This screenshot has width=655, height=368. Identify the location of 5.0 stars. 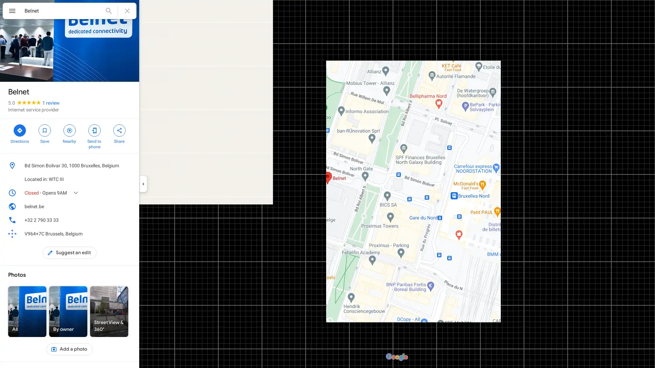
(25, 103).